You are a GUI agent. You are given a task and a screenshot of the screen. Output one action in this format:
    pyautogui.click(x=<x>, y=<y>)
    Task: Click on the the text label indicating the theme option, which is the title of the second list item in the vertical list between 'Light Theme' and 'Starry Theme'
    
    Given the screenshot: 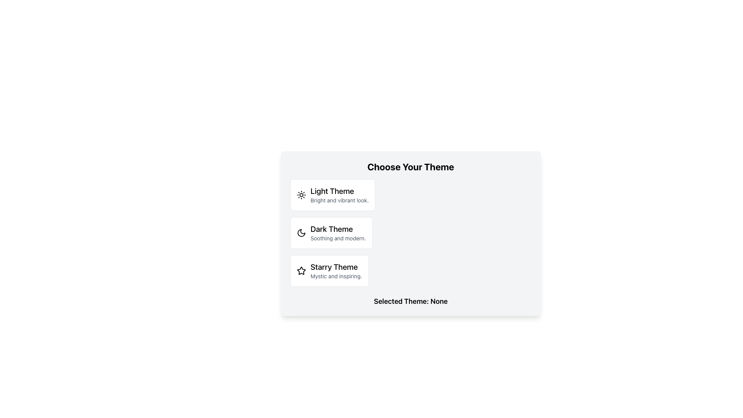 What is the action you would take?
    pyautogui.click(x=338, y=228)
    